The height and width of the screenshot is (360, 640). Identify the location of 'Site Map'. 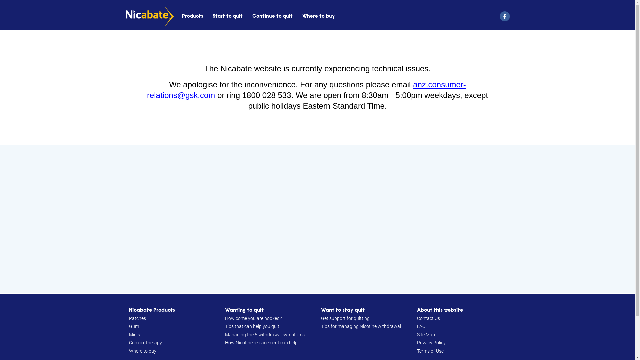
(425, 335).